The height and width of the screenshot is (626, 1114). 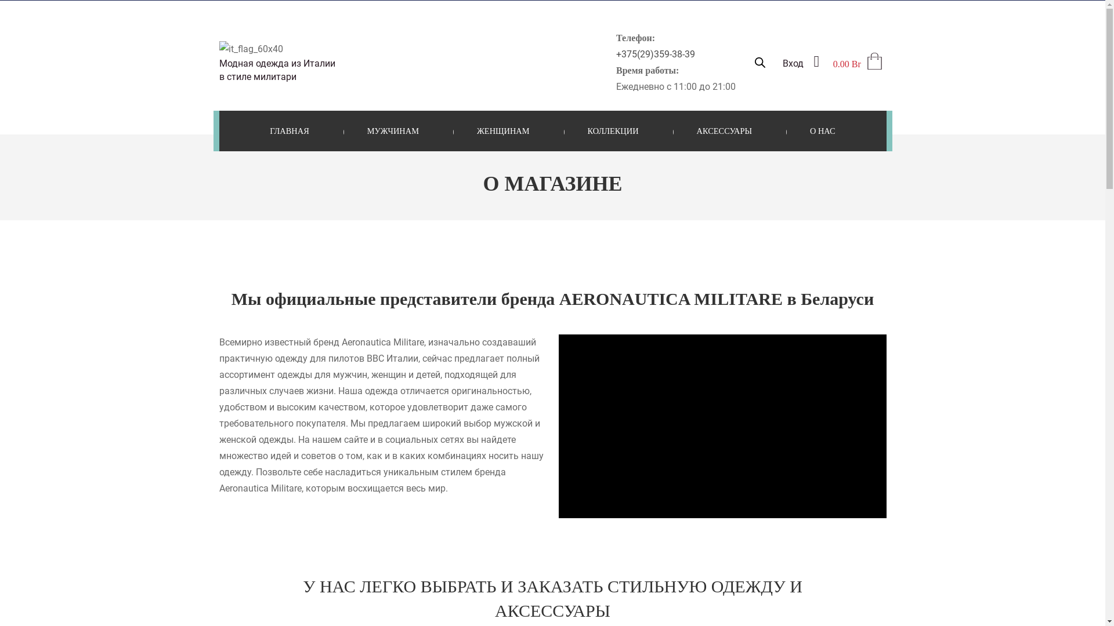 What do you see at coordinates (655, 54) in the screenshot?
I see `'+375(29)359-38-39'` at bounding box center [655, 54].